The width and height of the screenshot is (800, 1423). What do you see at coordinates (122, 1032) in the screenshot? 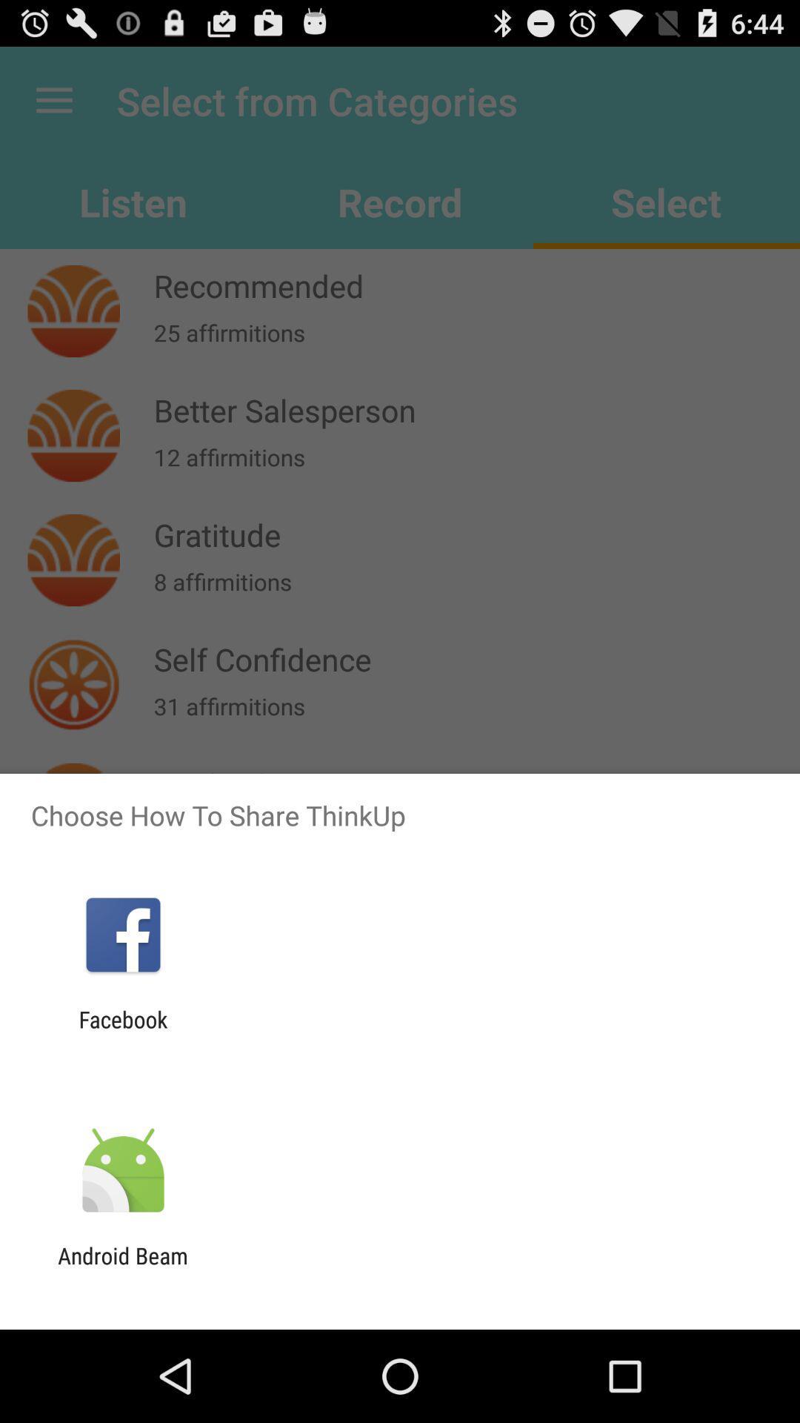
I see `facebook` at bounding box center [122, 1032].